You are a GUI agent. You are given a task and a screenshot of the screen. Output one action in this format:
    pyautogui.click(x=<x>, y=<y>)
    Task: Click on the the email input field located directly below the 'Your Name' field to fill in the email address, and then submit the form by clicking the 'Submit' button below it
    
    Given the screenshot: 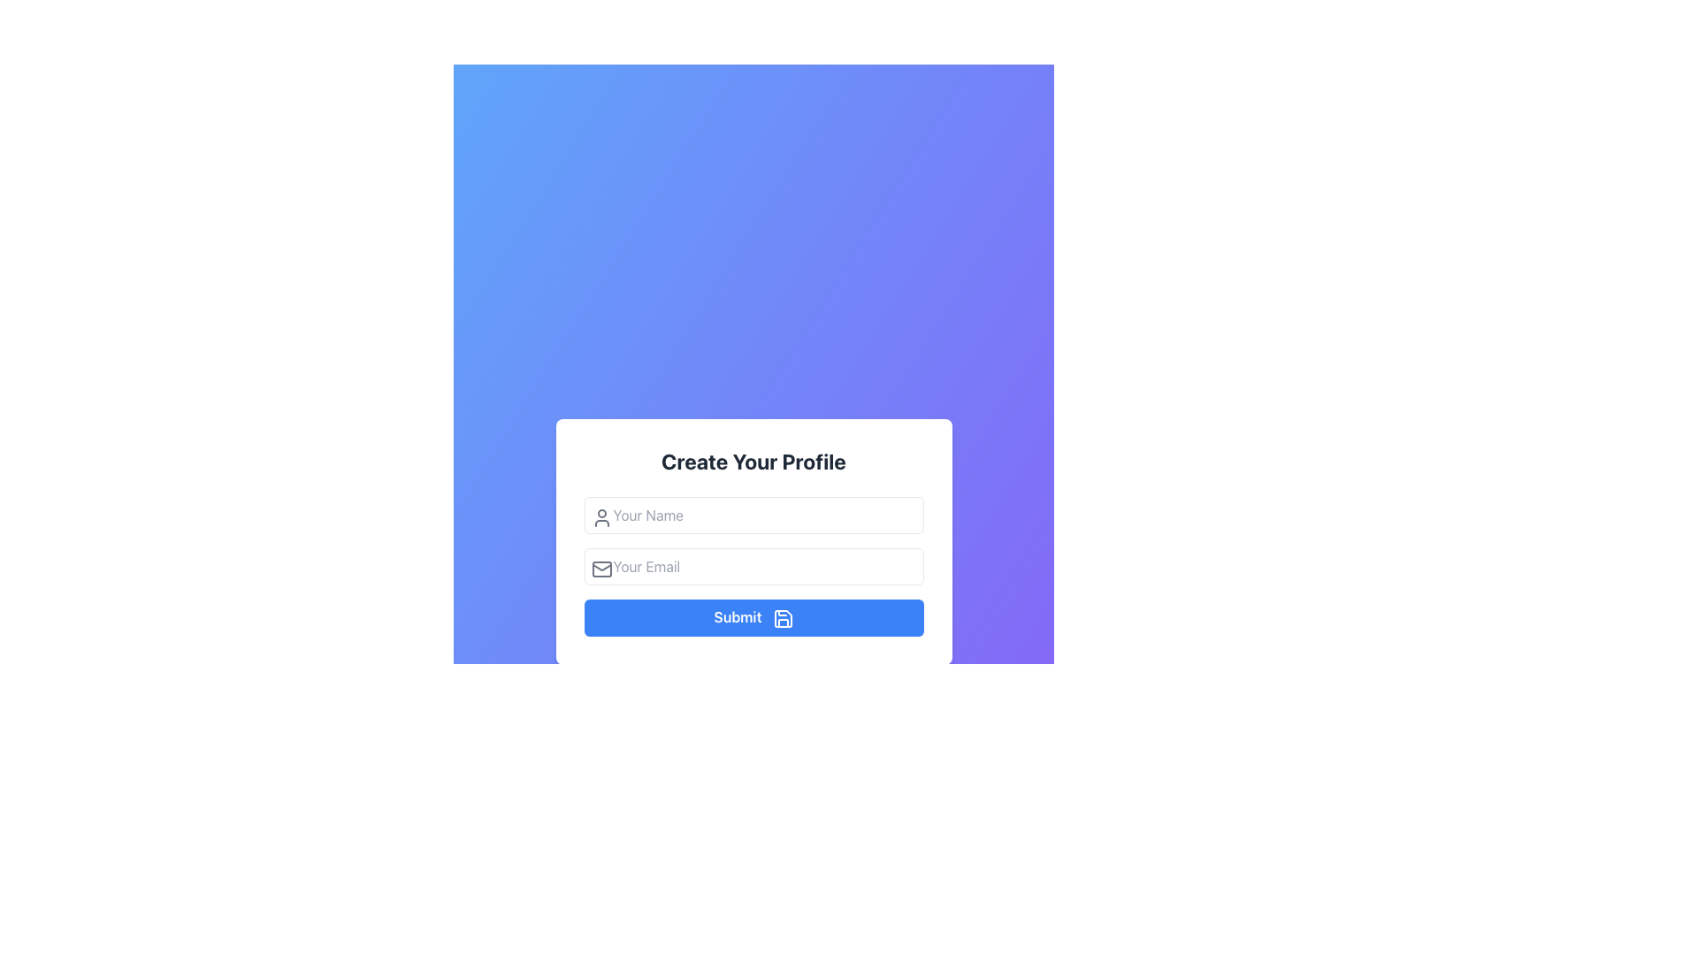 What is the action you would take?
    pyautogui.click(x=753, y=567)
    